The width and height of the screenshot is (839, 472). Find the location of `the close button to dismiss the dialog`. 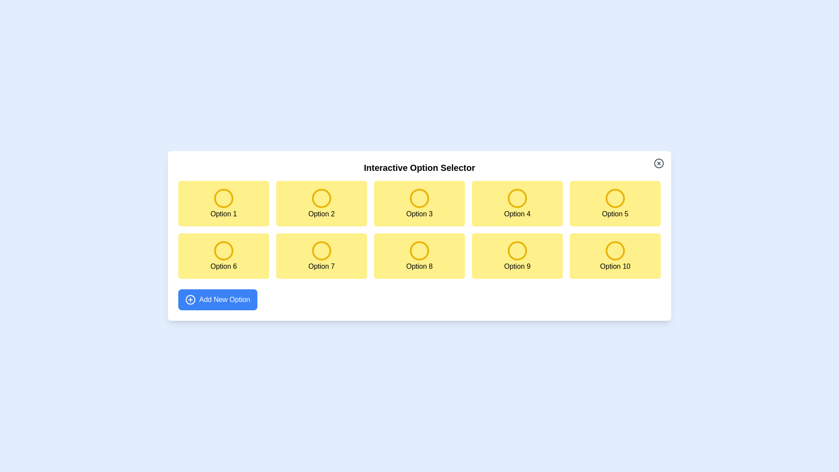

the close button to dismiss the dialog is located at coordinates (659, 163).